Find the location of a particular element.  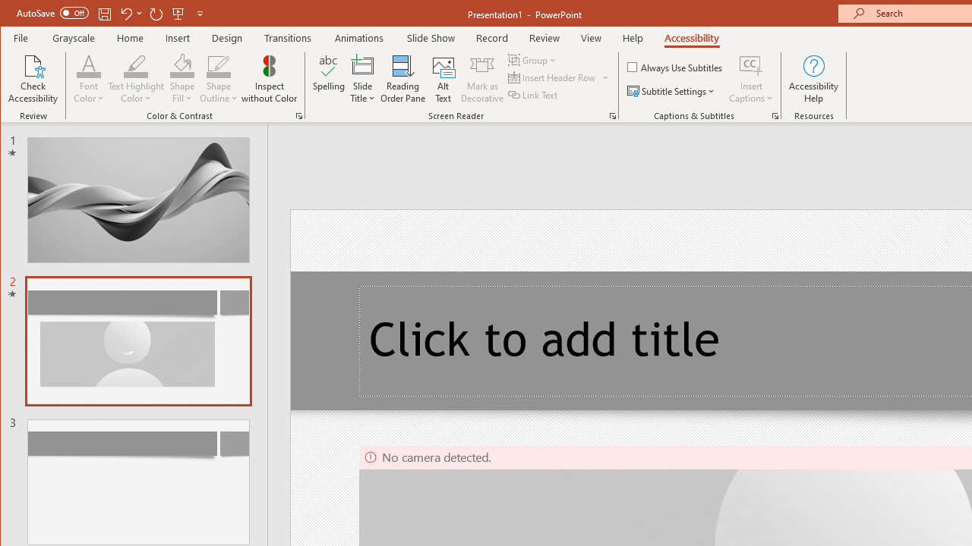

'Color & Contrast' is located at coordinates (299, 115).